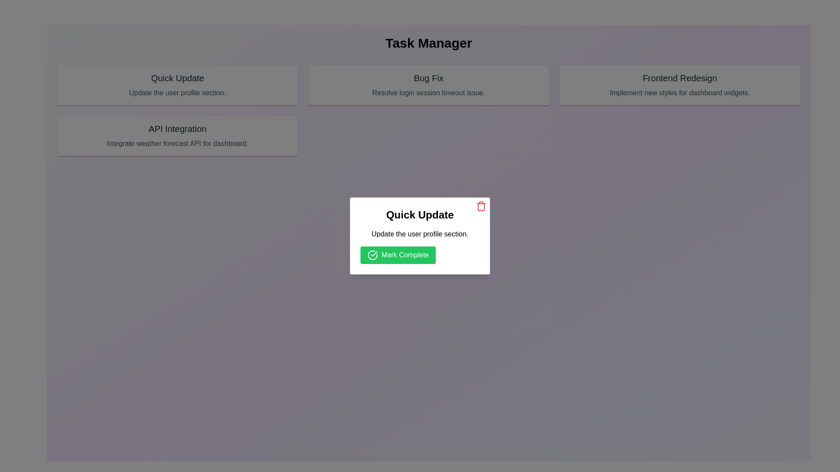 This screenshot has width=840, height=472. Describe the element at coordinates (420, 215) in the screenshot. I see `the bold textual label reading 'Quick Update' located at the top center of the dialog box` at that location.